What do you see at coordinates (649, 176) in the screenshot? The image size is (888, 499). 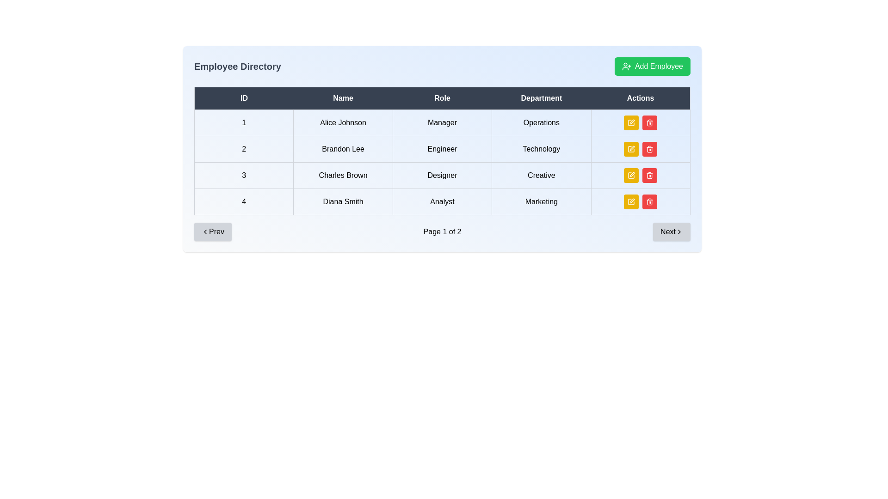 I see `the delete action icon button for 'Diana Smith' in the Employee Directory` at bounding box center [649, 176].